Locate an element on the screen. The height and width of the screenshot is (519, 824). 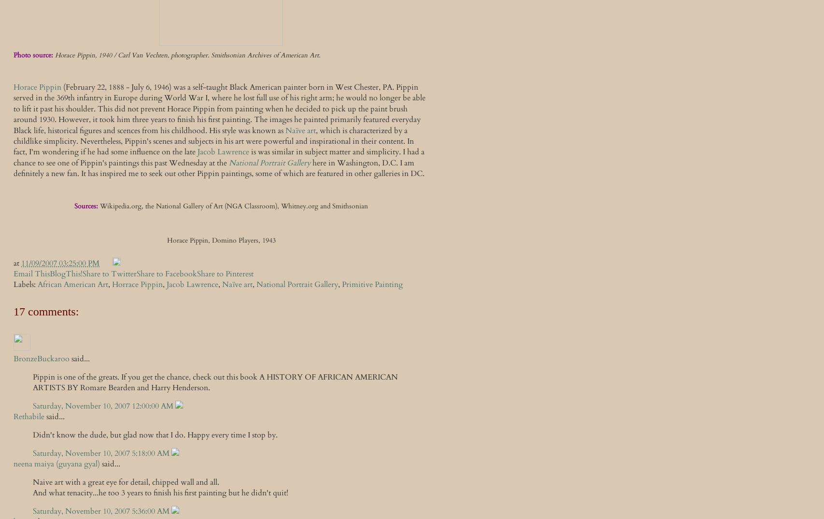
'Share to Pinterest' is located at coordinates (225, 273).